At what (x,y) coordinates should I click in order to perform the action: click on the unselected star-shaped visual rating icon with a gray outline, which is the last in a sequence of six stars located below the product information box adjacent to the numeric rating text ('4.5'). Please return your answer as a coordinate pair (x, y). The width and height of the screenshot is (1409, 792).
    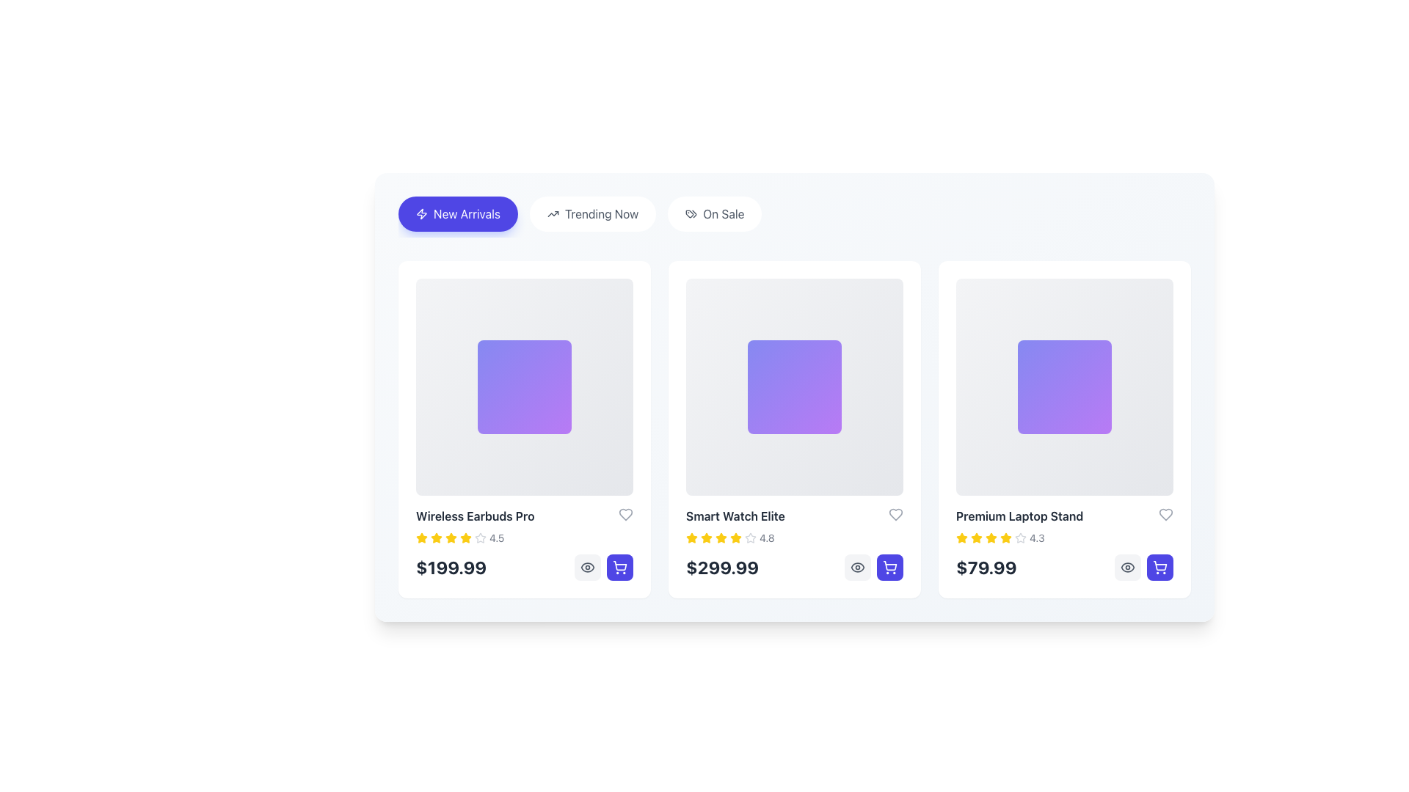
    Looking at the image, I should click on (480, 538).